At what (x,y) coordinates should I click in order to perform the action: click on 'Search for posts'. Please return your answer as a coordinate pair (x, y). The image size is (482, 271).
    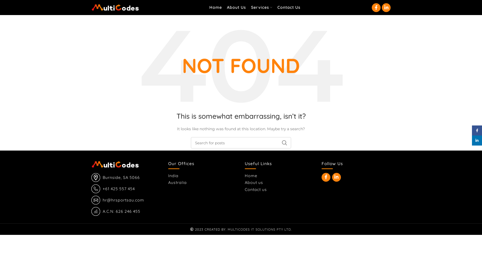
    Looking at the image, I should click on (241, 143).